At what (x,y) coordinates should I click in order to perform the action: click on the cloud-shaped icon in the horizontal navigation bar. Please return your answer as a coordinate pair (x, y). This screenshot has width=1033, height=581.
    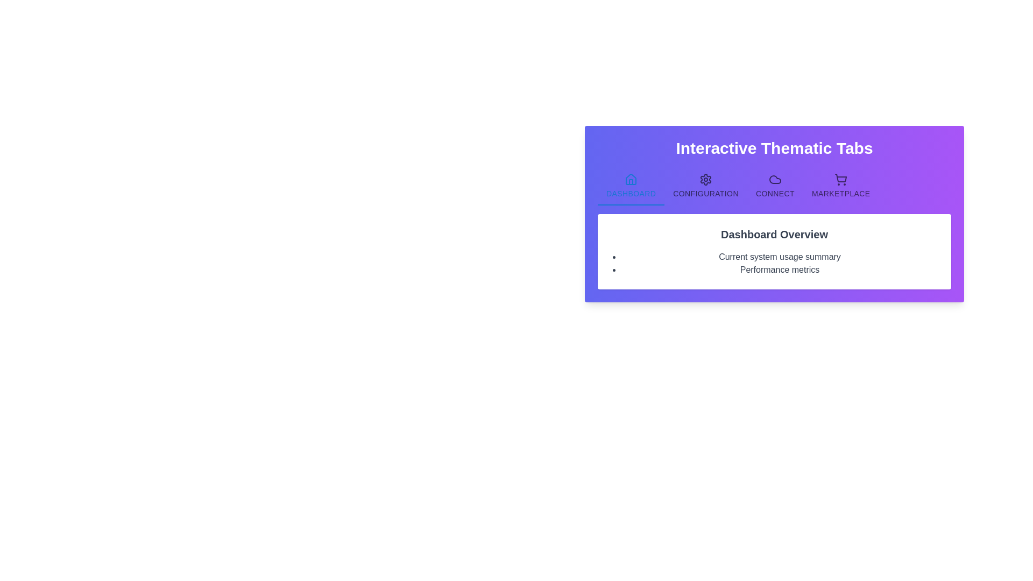
    Looking at the image, I should click on (775, 179).